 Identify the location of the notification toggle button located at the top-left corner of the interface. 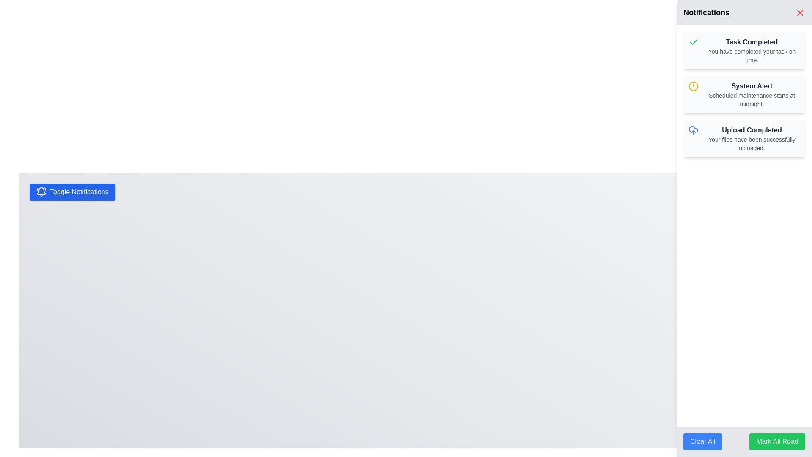
(72, 192).